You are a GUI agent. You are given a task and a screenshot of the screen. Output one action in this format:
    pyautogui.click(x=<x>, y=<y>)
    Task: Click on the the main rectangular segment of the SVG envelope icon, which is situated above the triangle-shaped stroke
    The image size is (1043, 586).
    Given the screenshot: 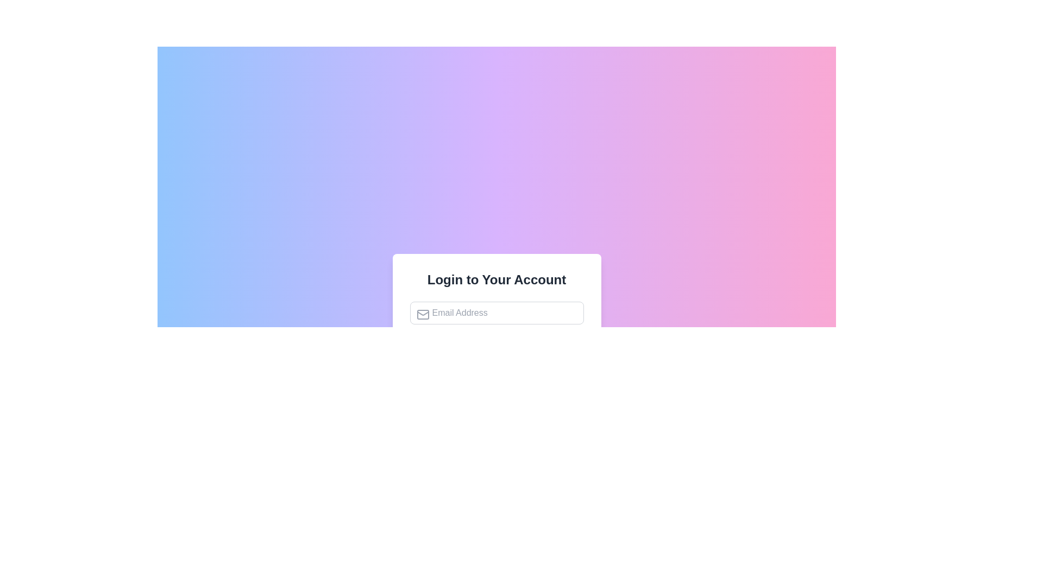 What is the action you would take?
    pyautogui.click(x=422, y=314)
    